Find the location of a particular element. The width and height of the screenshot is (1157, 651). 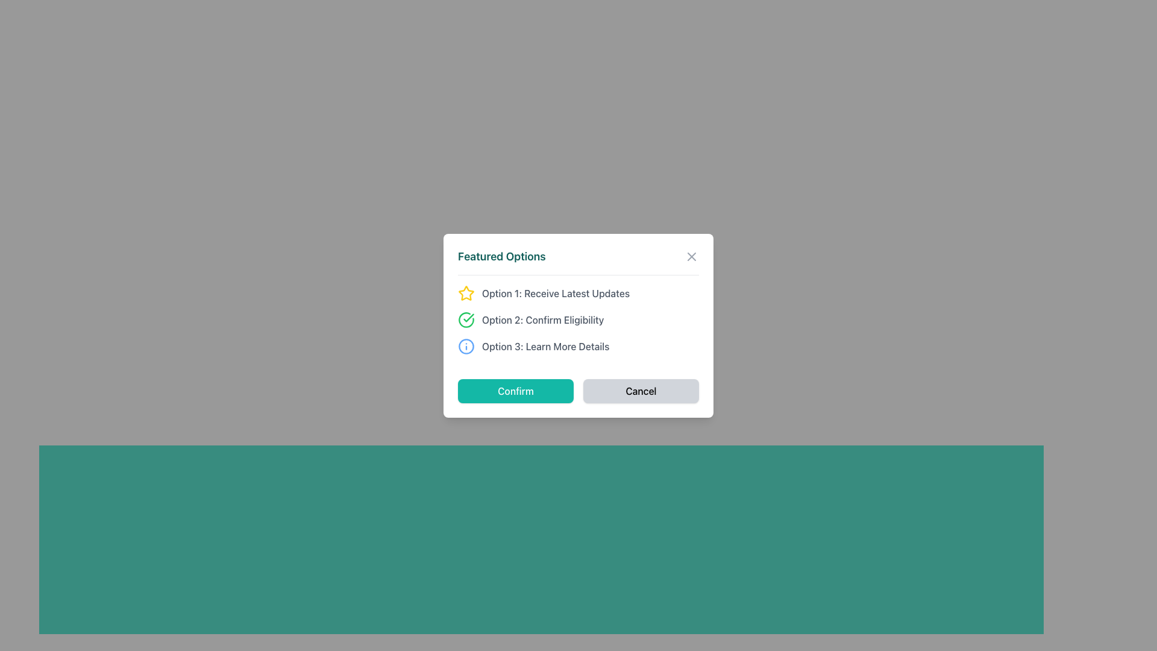

text label that describes the third option in the 'Featured Options' modal, located below 'Option 2: Confirm Eligibility' is located at coordinates (545, 346).